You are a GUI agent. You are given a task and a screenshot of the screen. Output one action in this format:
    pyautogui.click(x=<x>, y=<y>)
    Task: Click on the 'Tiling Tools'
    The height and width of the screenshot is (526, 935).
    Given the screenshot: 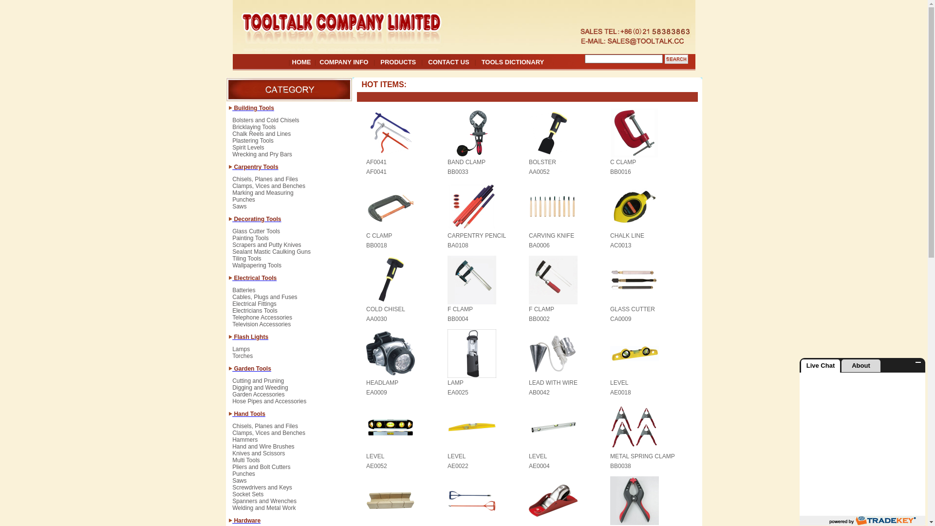 What is the action you would take?
    pyautogui.click(x=246, y=261)
    